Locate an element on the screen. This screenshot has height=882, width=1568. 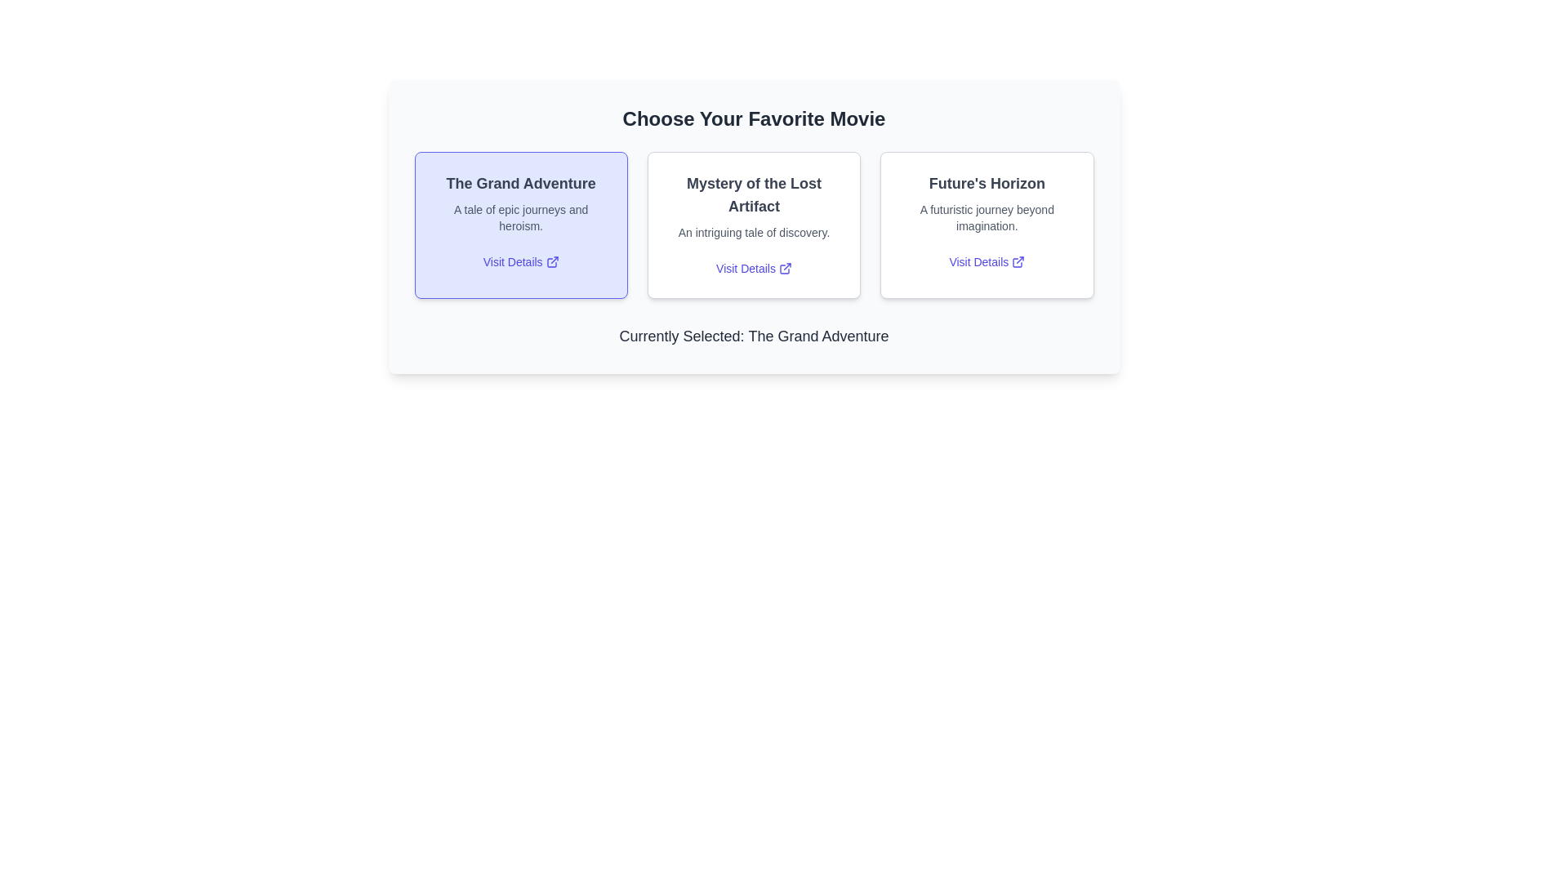
on the text header displaying 'Mystery of the Lost Artifact' is located at coordinates (753, 194).